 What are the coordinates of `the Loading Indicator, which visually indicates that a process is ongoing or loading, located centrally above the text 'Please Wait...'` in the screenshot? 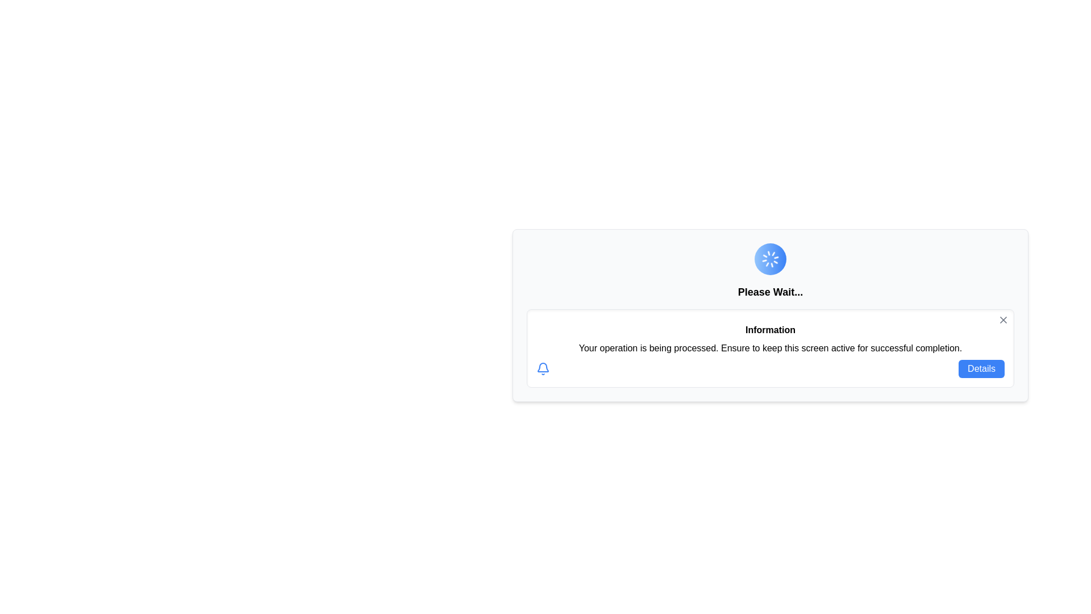 It's located at (771, 259).